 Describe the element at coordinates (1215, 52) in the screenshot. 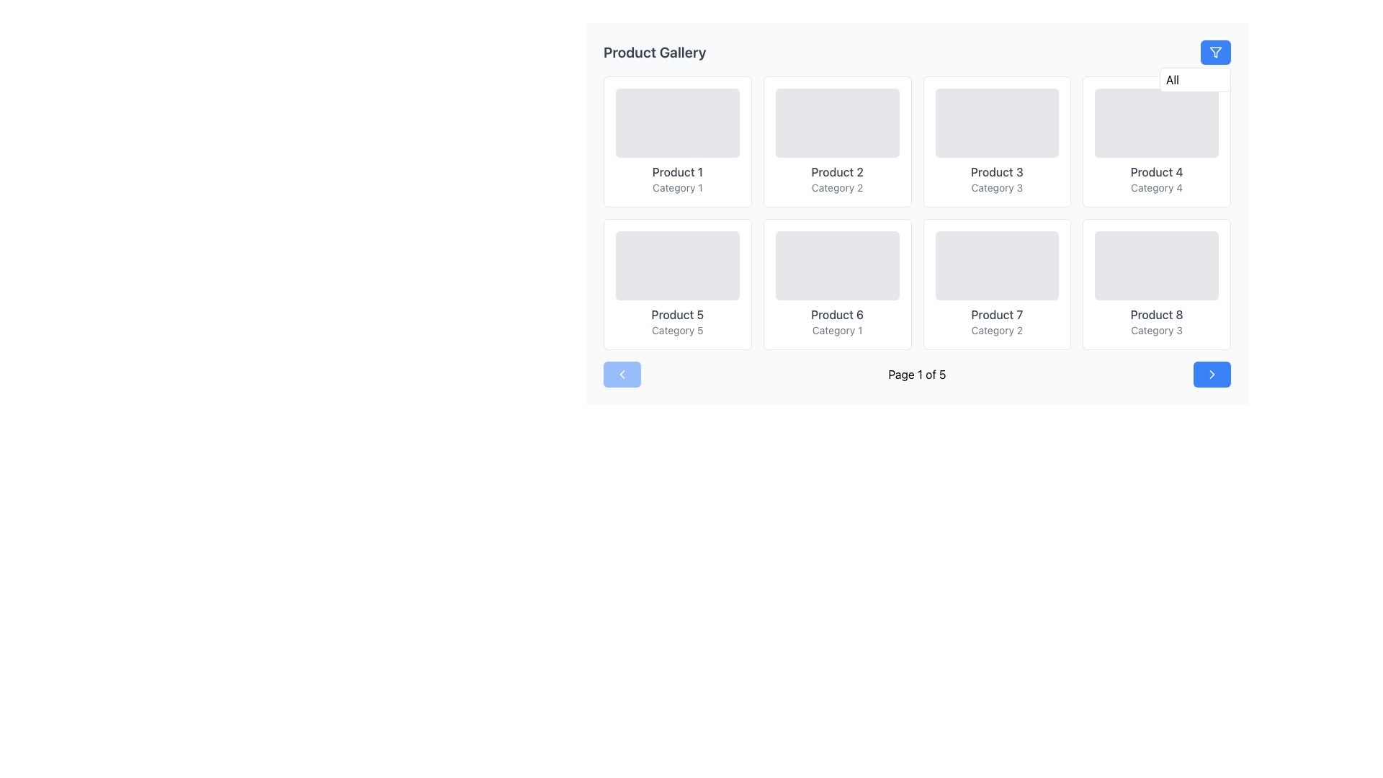

I see `the filter icon, which is a small triangular shape resembling a funnel, located within a blue circular button at the top-right corner of the interface` at that location.